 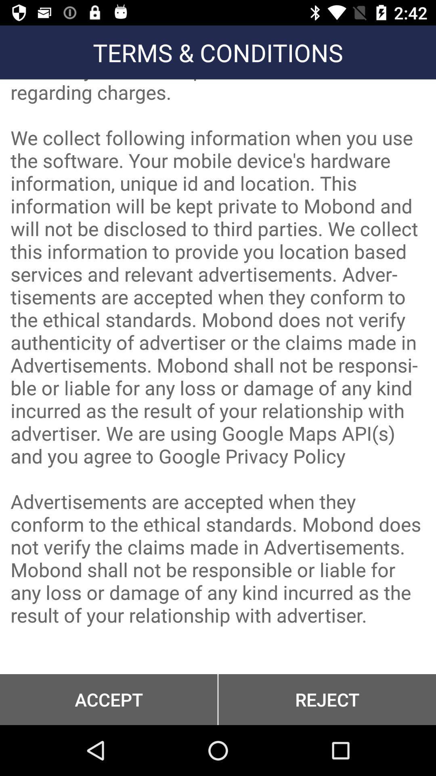 I want to click on the app below please read these app, so click(x=327, y=699).